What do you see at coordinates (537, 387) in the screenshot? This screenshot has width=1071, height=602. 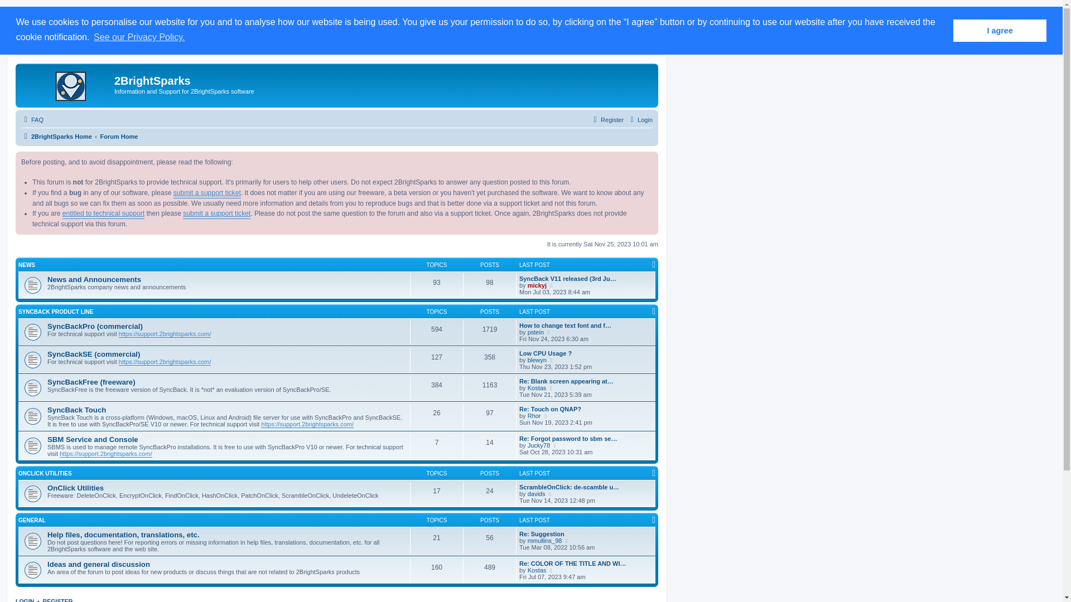 I see `'Kostas'` at bounding box center [537, 387].